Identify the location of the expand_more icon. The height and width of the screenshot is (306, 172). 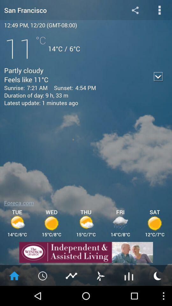
(158, 82).